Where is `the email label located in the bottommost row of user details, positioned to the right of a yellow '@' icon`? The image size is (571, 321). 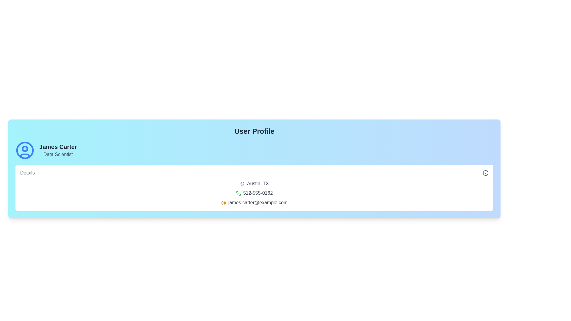
the email label located in the bottommost row of user details, positioned to the right of a yellow '@' icon is located at coordinates (254, 202).